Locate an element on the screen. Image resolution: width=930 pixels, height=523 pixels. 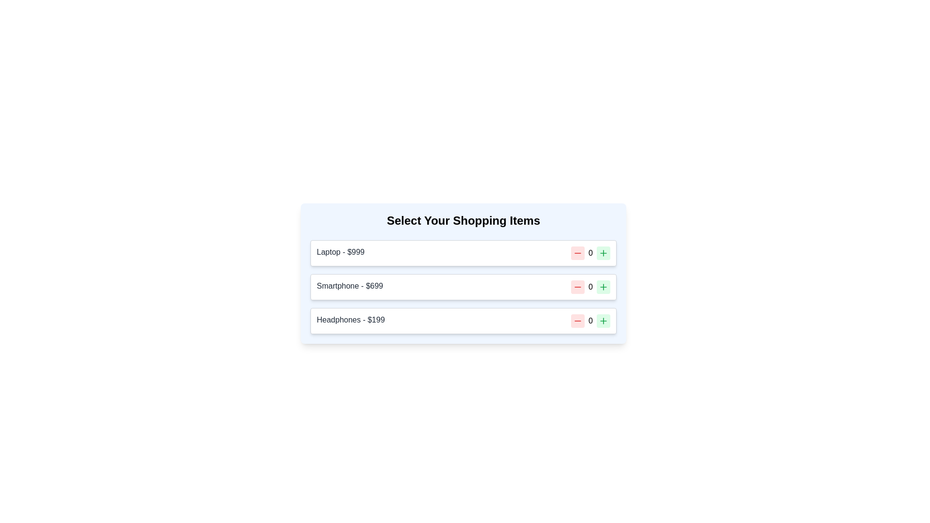
the increase quantity button located at the far right of the shopping list controls is located at coordinates (603, 253).